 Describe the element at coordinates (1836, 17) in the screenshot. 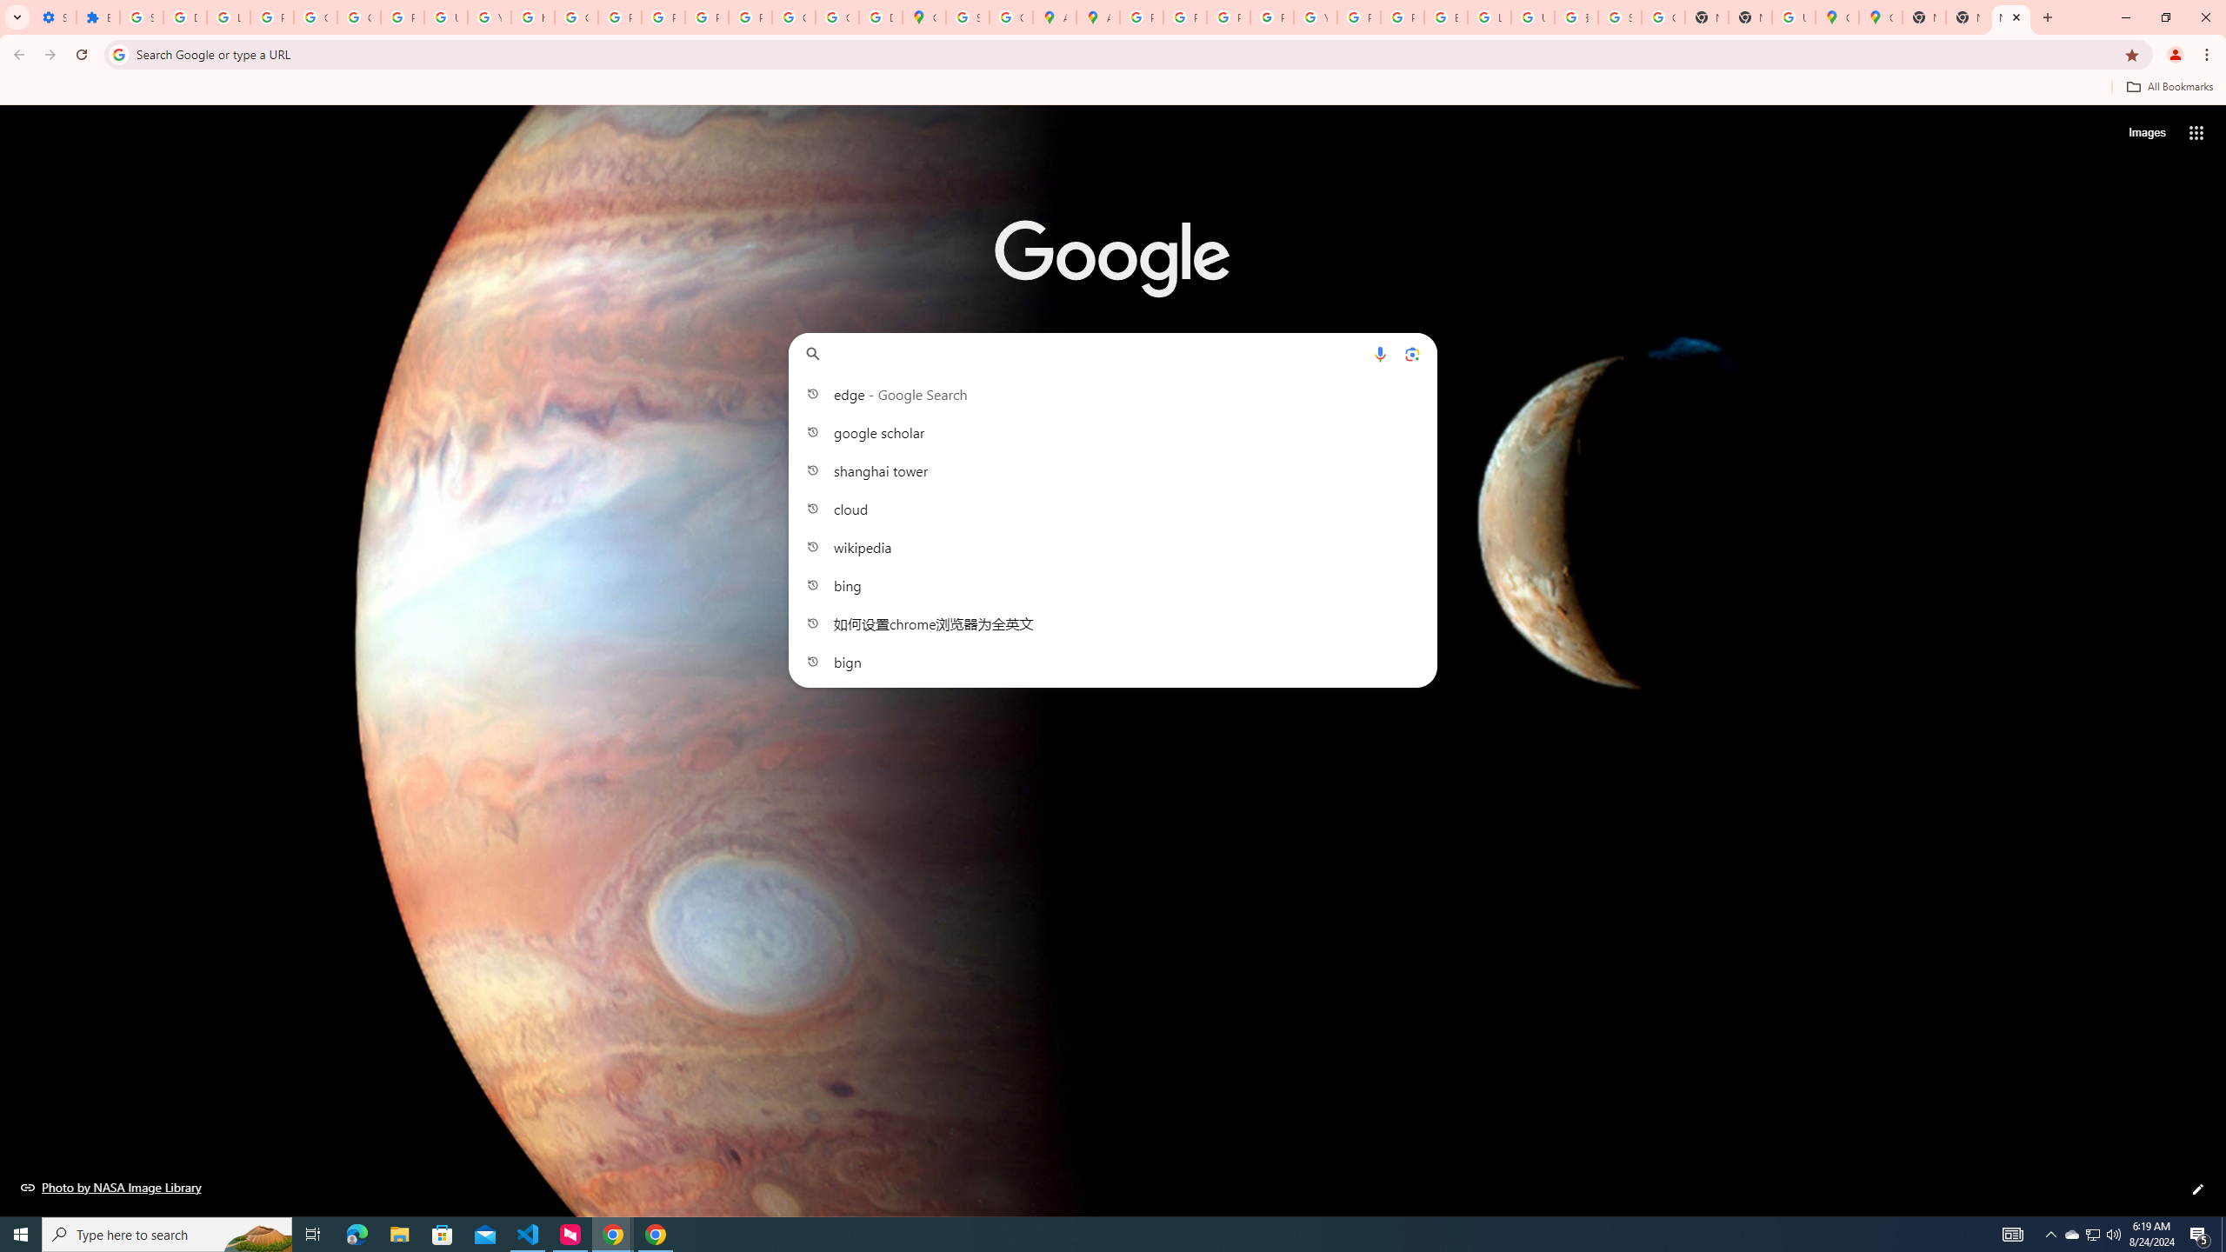

I see `'Google Maps'` at that location.